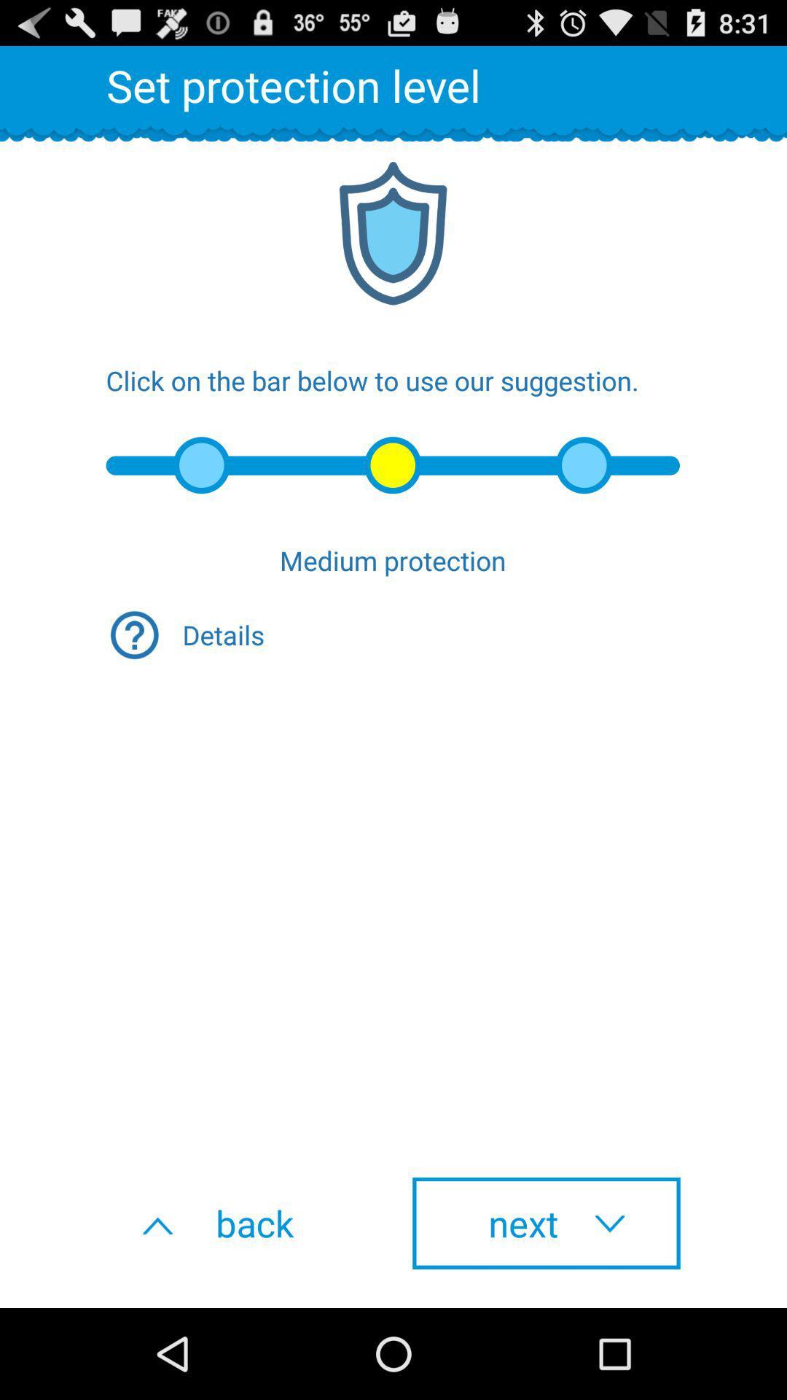 This screenshot has height=1400, width=787. Describe the element at coordinates (546, 1223) in the screenshot. I see `the button to the right of the back` at that location.